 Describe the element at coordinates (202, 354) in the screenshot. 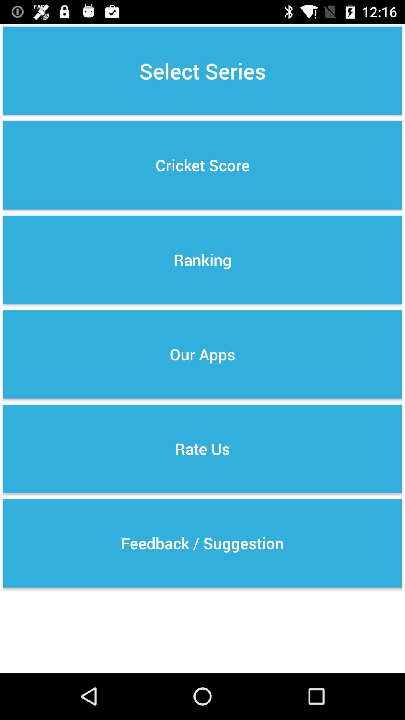

I see `item above rate us icon` at that location.